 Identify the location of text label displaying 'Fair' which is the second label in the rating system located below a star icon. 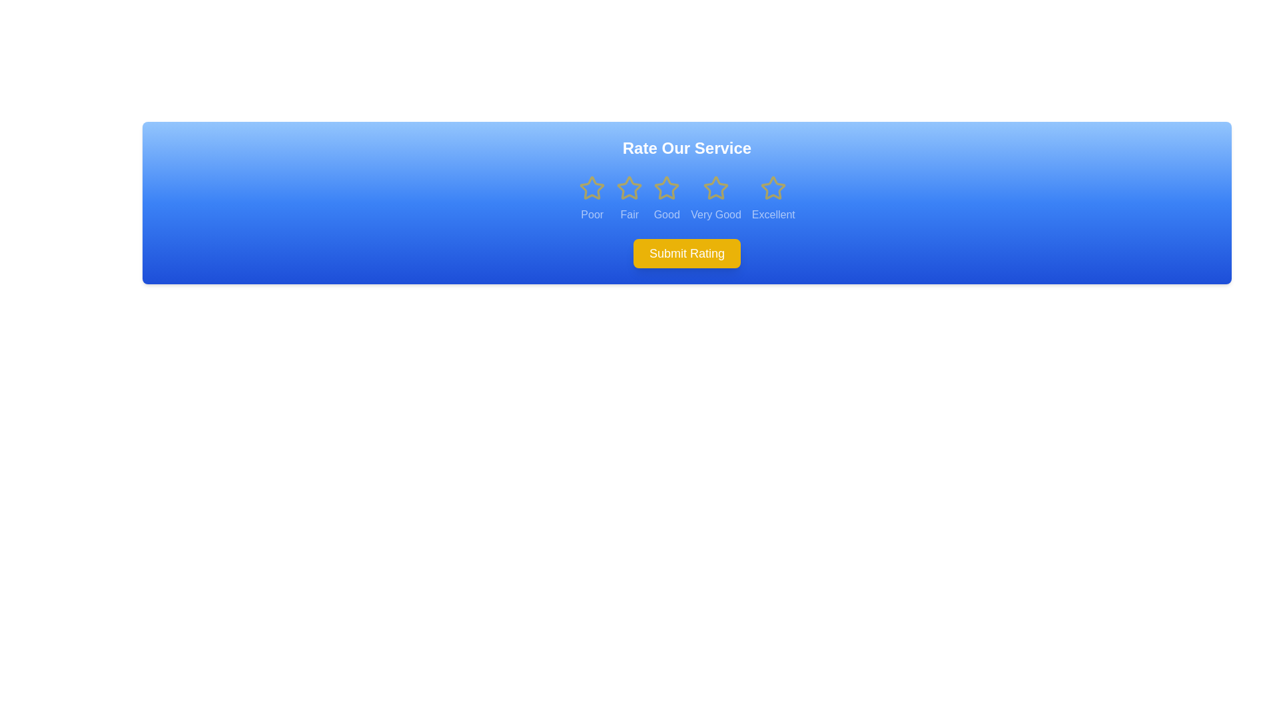
(629, 214).